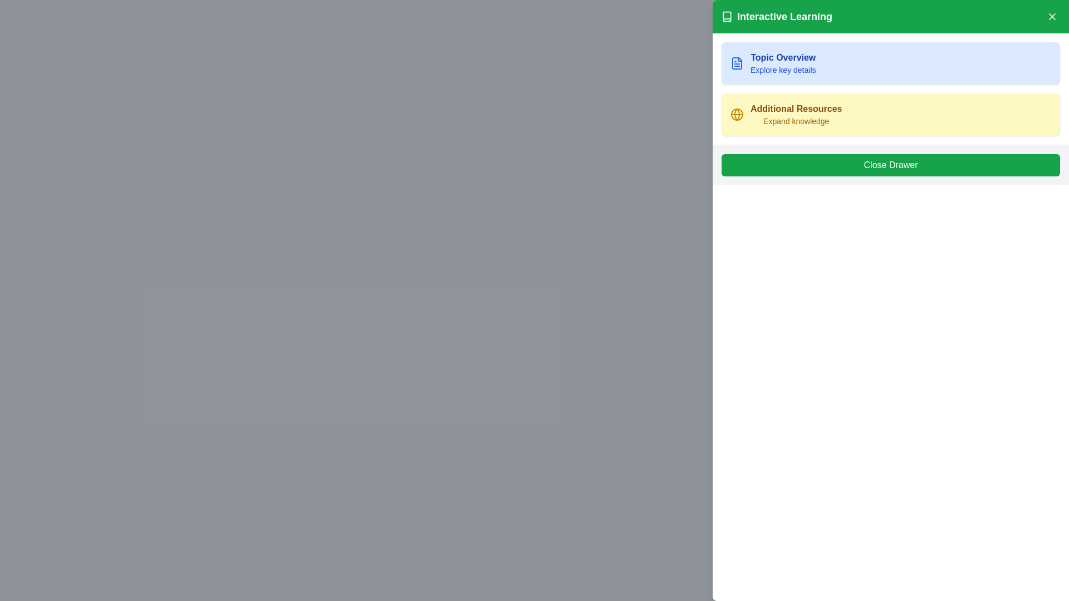  Describe the element at coordinates (727, 17) in the screenshot. I see `the book icon located in the top-left corner of the green header bar titled 'Interactive Learning'` at that location.